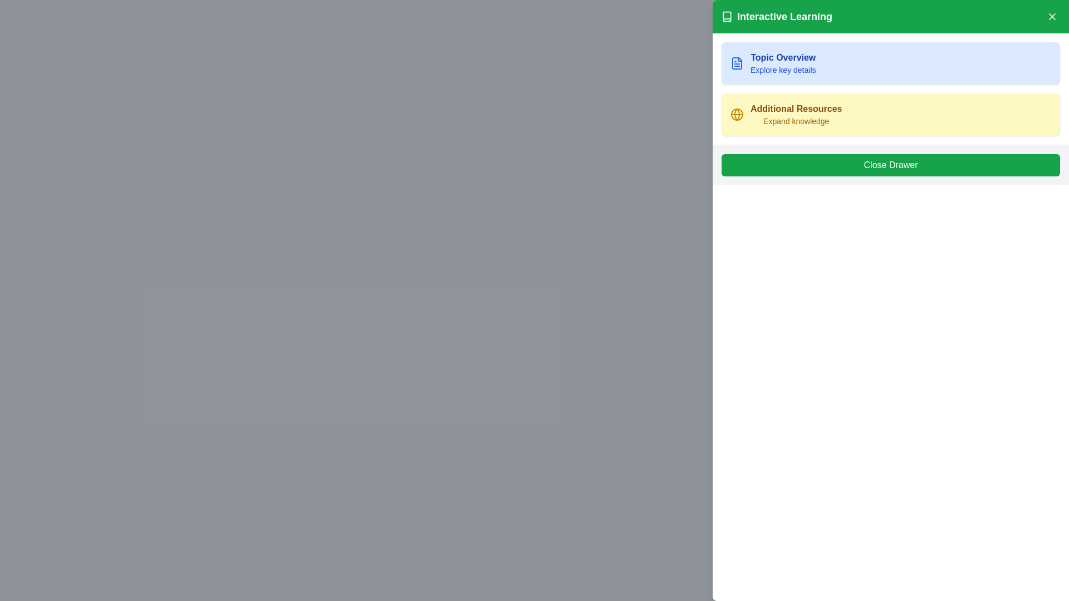  Describe the element at coordinates (727, 17) in the screenshot. I see `the book icon located in the top-left corner of the green header bar titled 'Interactive Learning'` at that location.